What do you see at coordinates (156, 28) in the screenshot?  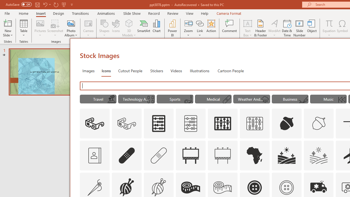 I see `'Chart...'` at bounding box center [156, 28].